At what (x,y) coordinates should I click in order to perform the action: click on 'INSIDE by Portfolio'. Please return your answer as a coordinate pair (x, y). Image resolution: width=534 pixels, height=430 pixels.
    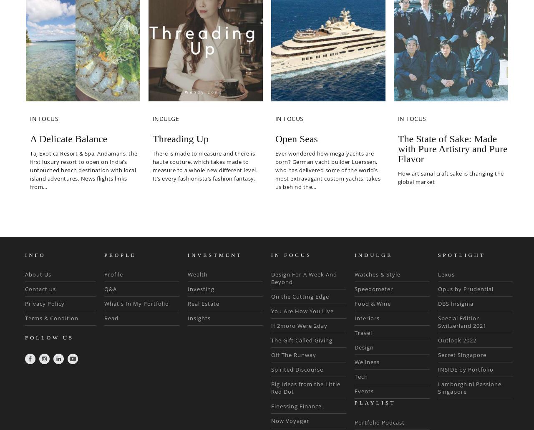
    Looking at the image, I should click on (465, 370).